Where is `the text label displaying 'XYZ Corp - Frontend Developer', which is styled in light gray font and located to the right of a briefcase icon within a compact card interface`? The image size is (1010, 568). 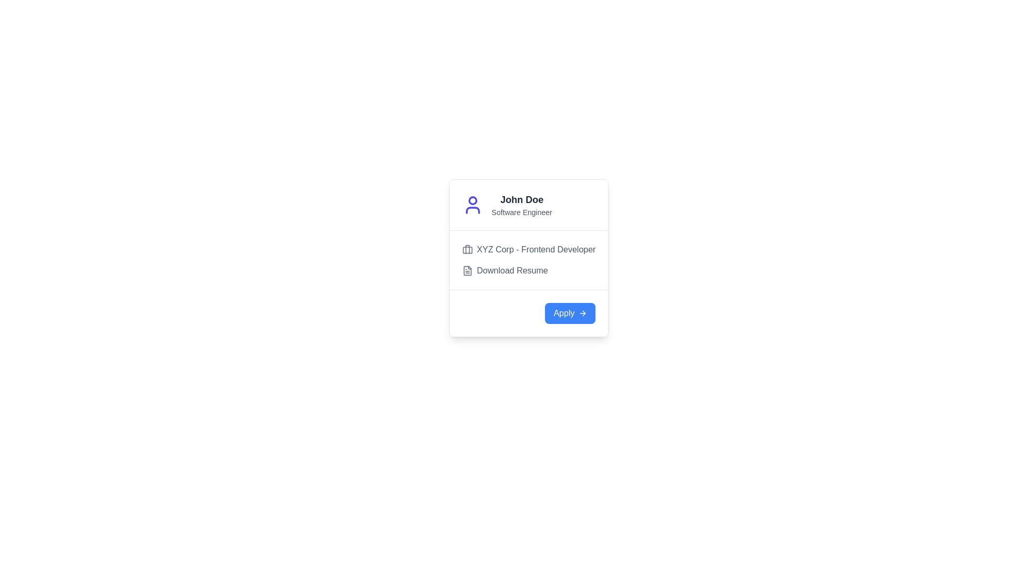
the text label displaying 'XYZ Corp - Frontend Developer', which is styled in light gray font and located to the right of a briefcase icon within a compact card interface is located at coordinates (536, 249).